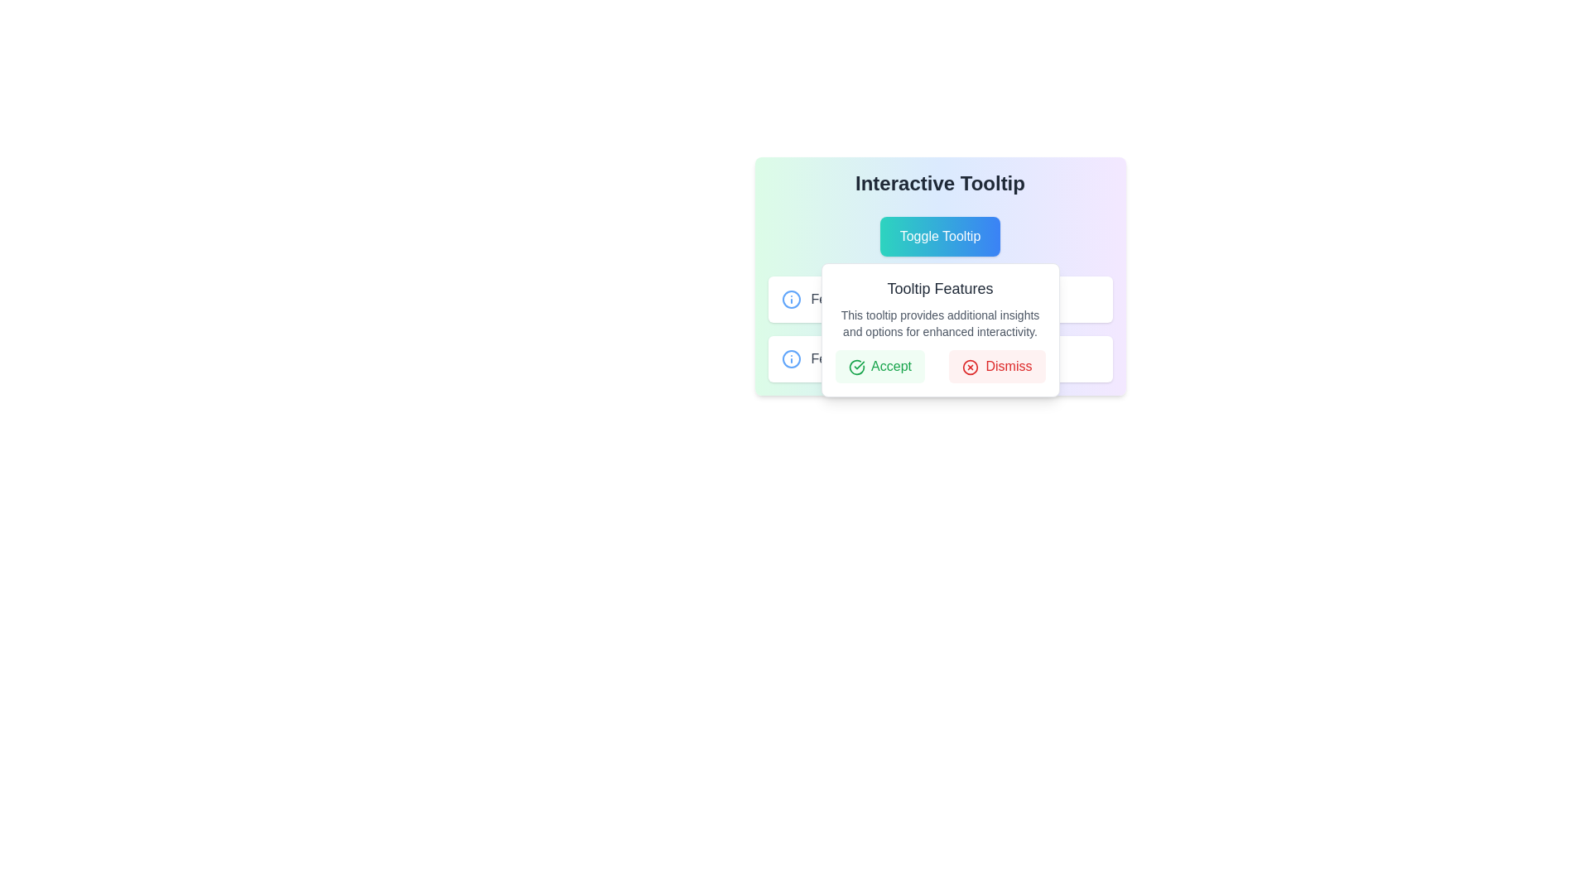 This screenshot has width=1590, height=894. Describe the element at coordinates (790, 358) in the screenshot. I see `the circular part of the informational icon located in the light green area to gather context` at that location.